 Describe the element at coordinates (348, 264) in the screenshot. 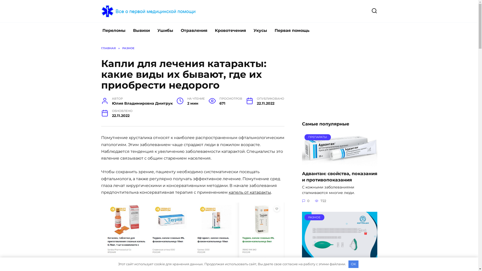

I see `'OK'` at that location.